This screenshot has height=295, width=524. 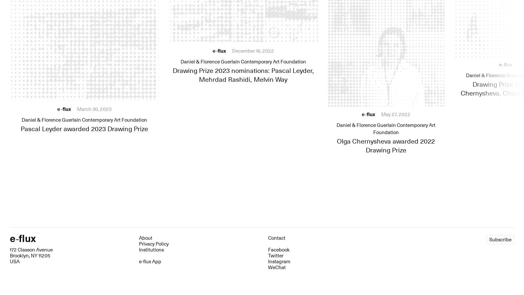 What do you see at coordinates (385, 146) in the screenshot?
I see `'Olga Chernysheva awarded 2022 Drawing Prize'` at bounding box center [385, 146].